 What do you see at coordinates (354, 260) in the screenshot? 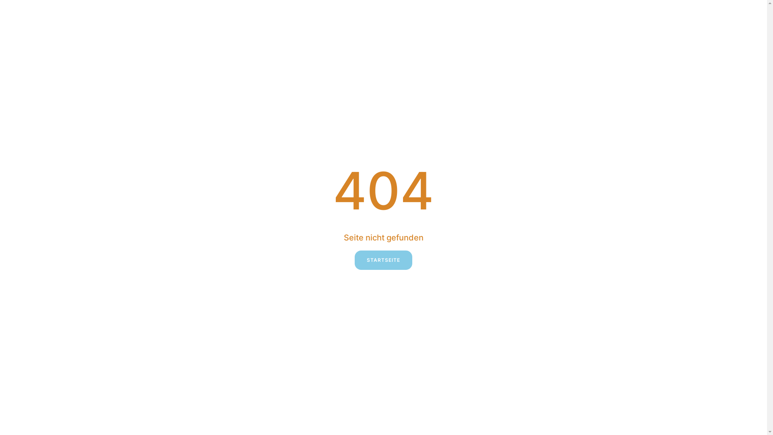
I see `'STARTSEITE'` at bounding box center [354, 260].